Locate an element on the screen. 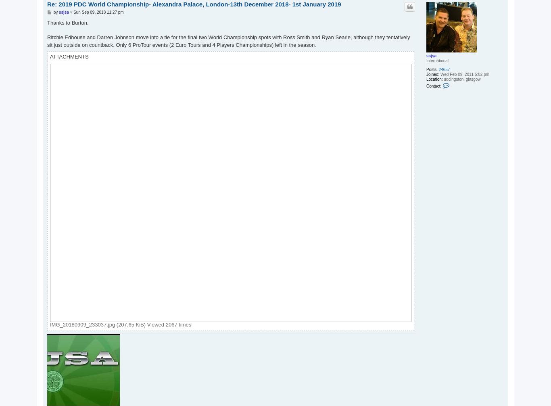  'Contact:' is located at coordinates (426, 86).